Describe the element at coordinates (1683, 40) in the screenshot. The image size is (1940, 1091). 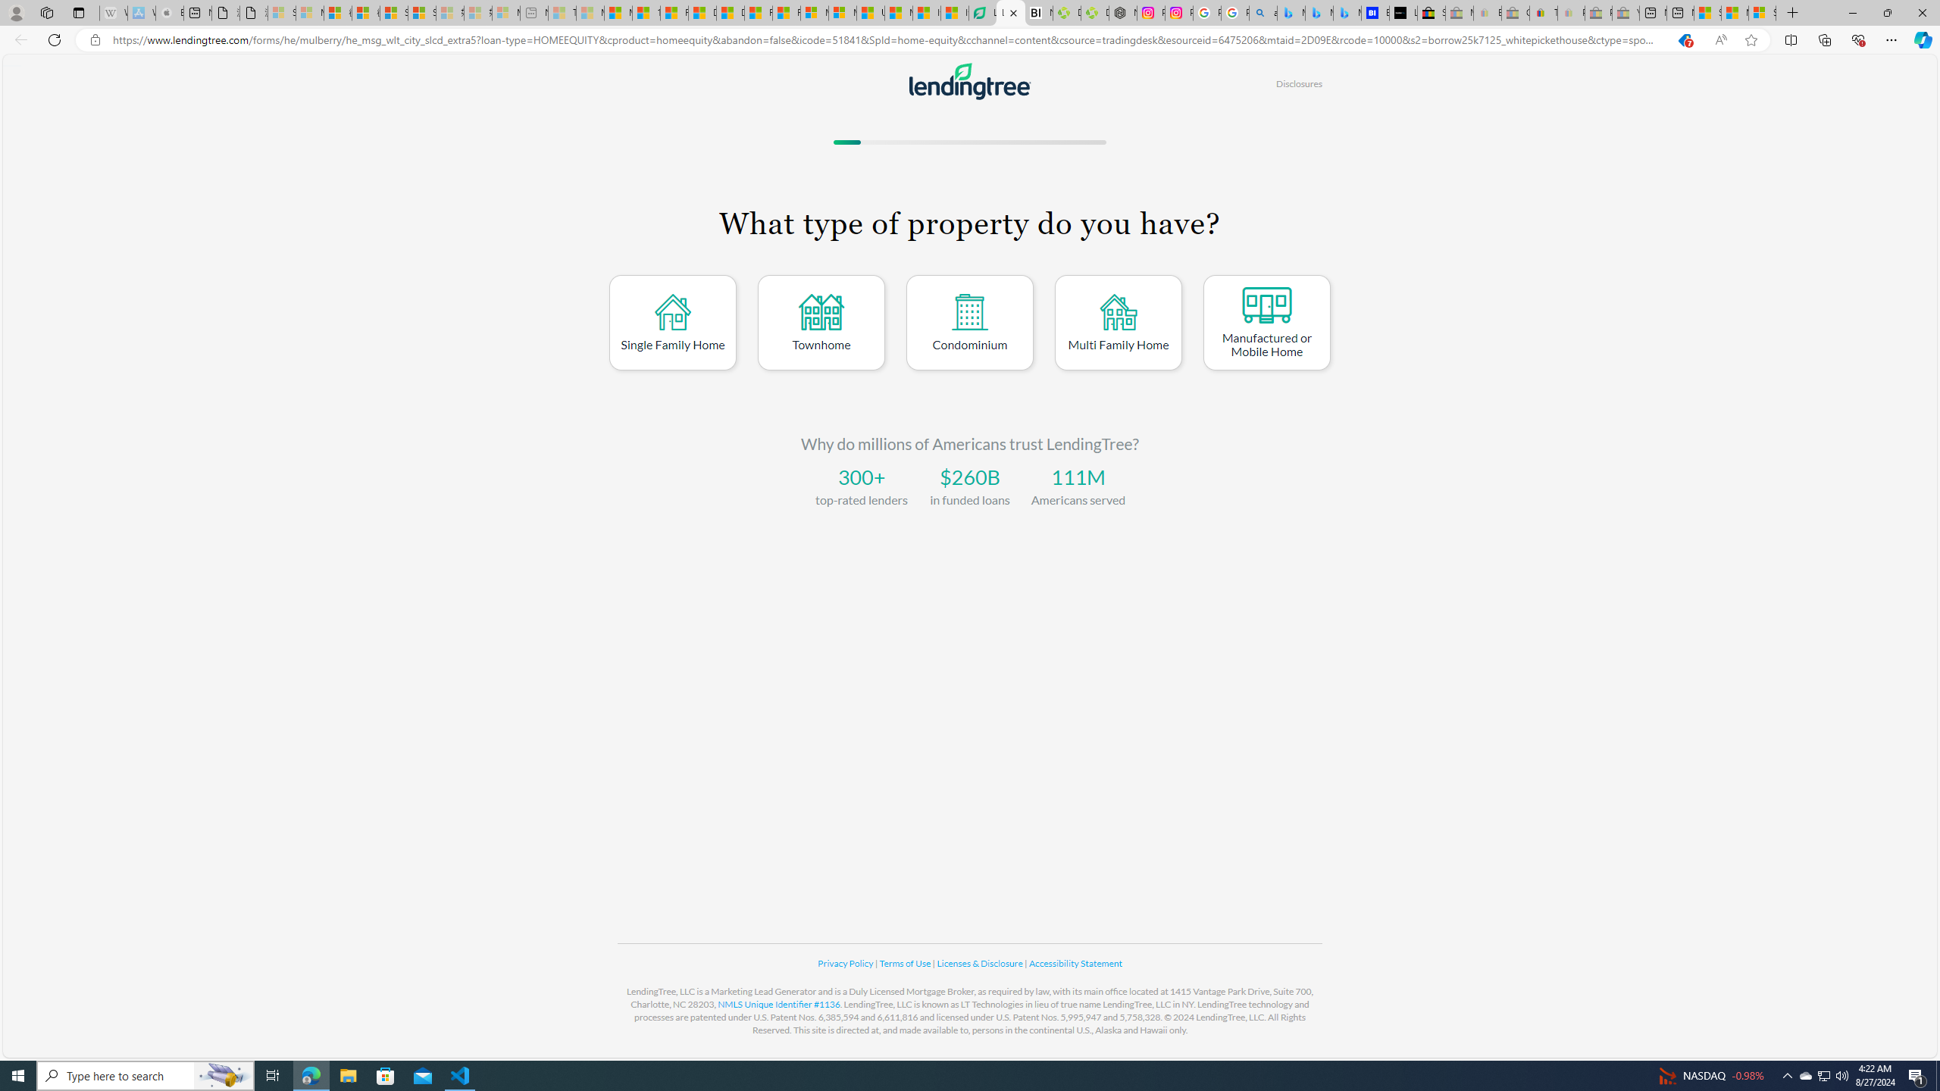
I see `'This site has coupons! Shopping in Microsoft Edge, 7'` at that location.